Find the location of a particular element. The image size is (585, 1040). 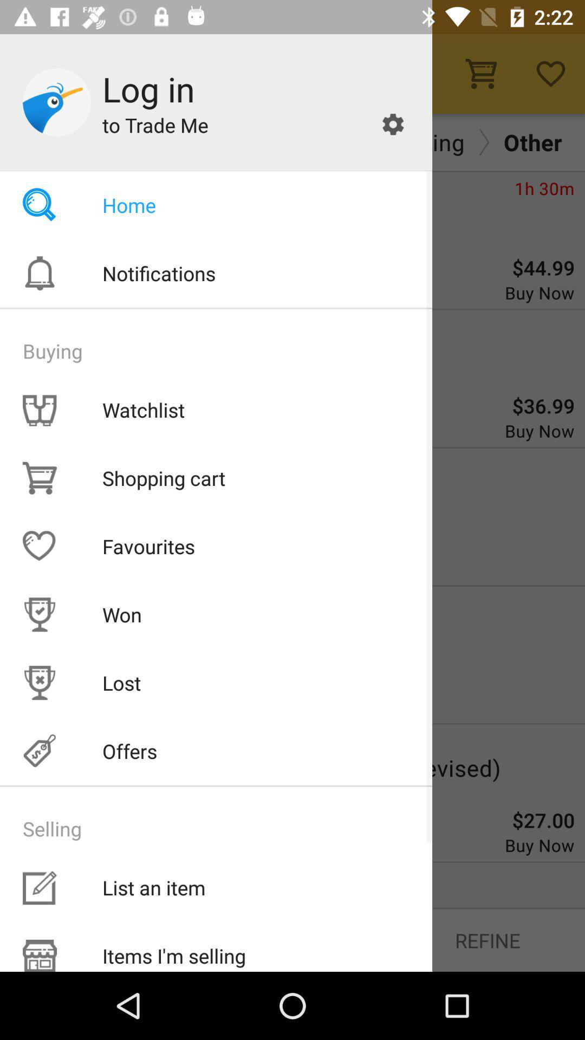

the cart icon shown left to heart icon at the top right corner is located at coordinates (480, 73).